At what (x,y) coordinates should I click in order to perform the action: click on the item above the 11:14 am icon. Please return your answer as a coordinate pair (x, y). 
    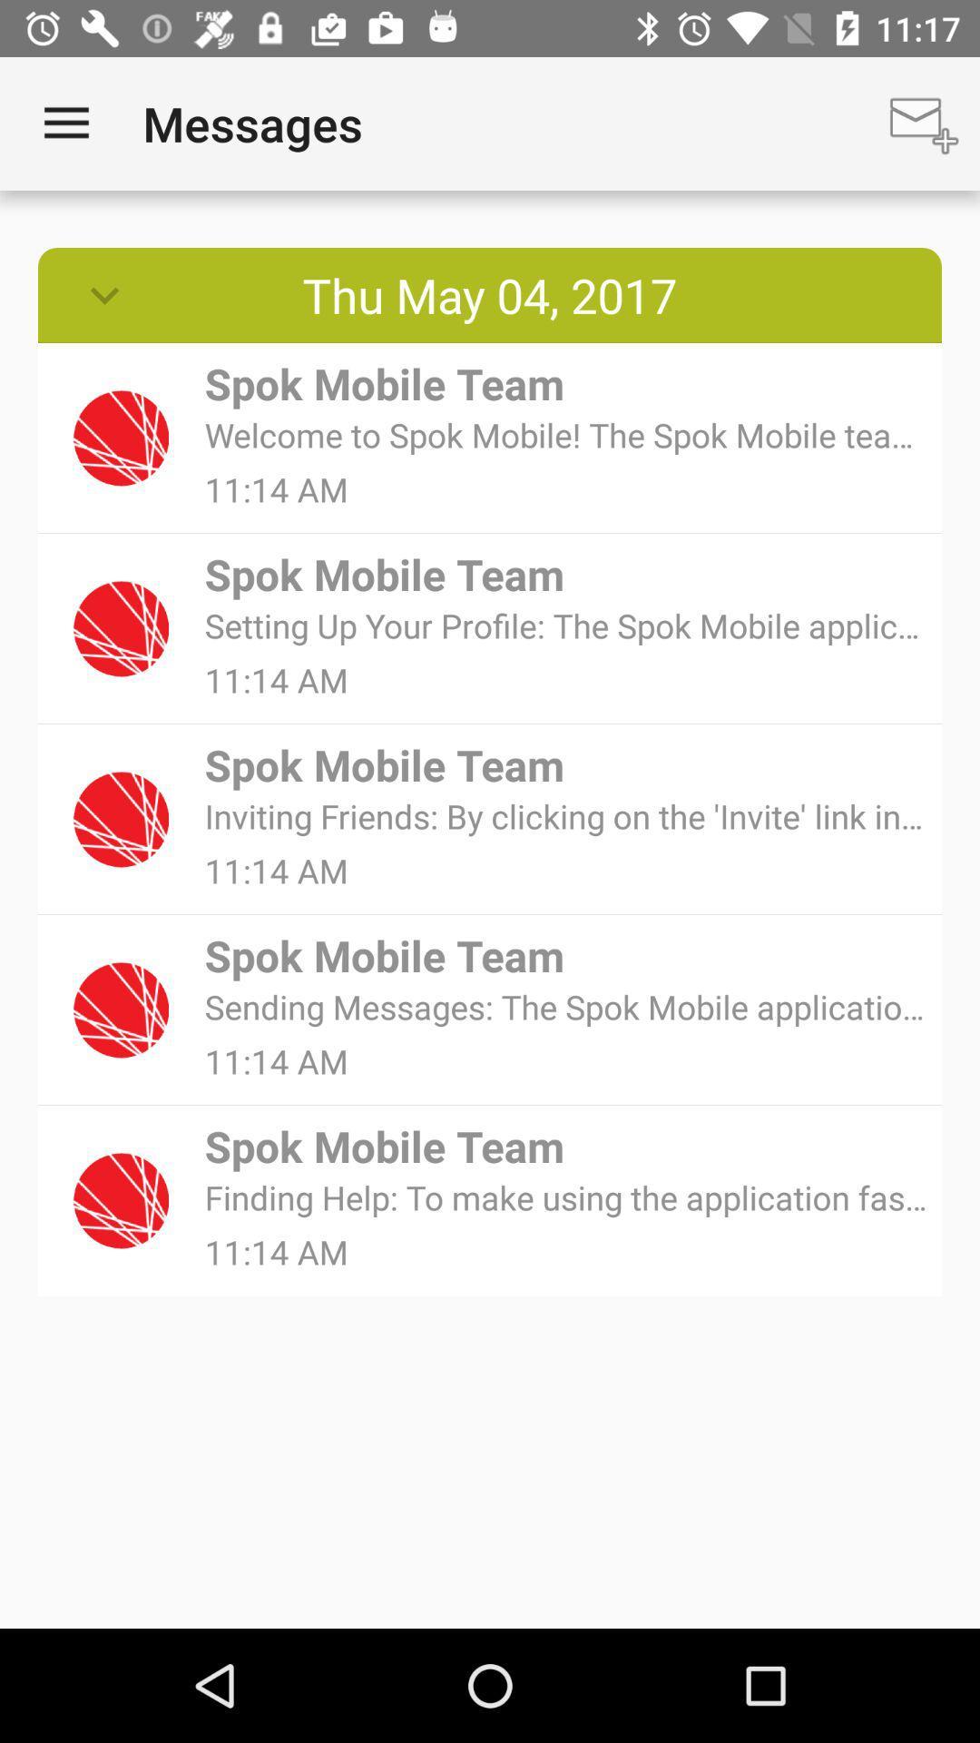
    Looking at the image, I should click on (566, 815).